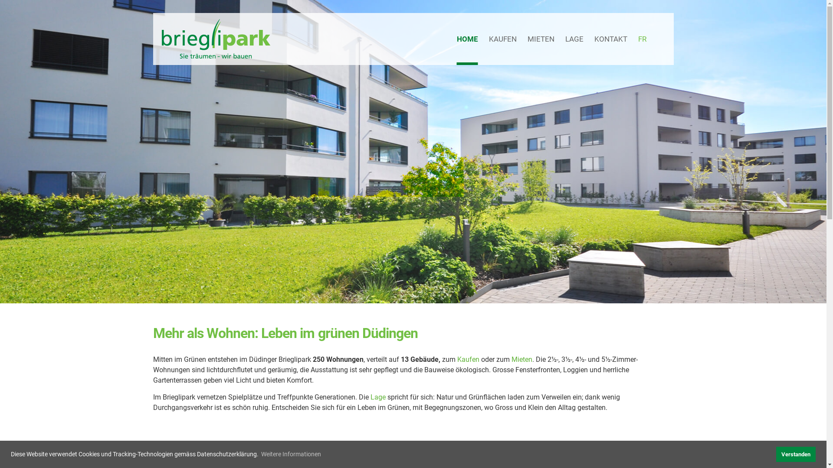 The width and height of the screenshot is (833, 468). I want to click on 'HOME', so click(466, 38).